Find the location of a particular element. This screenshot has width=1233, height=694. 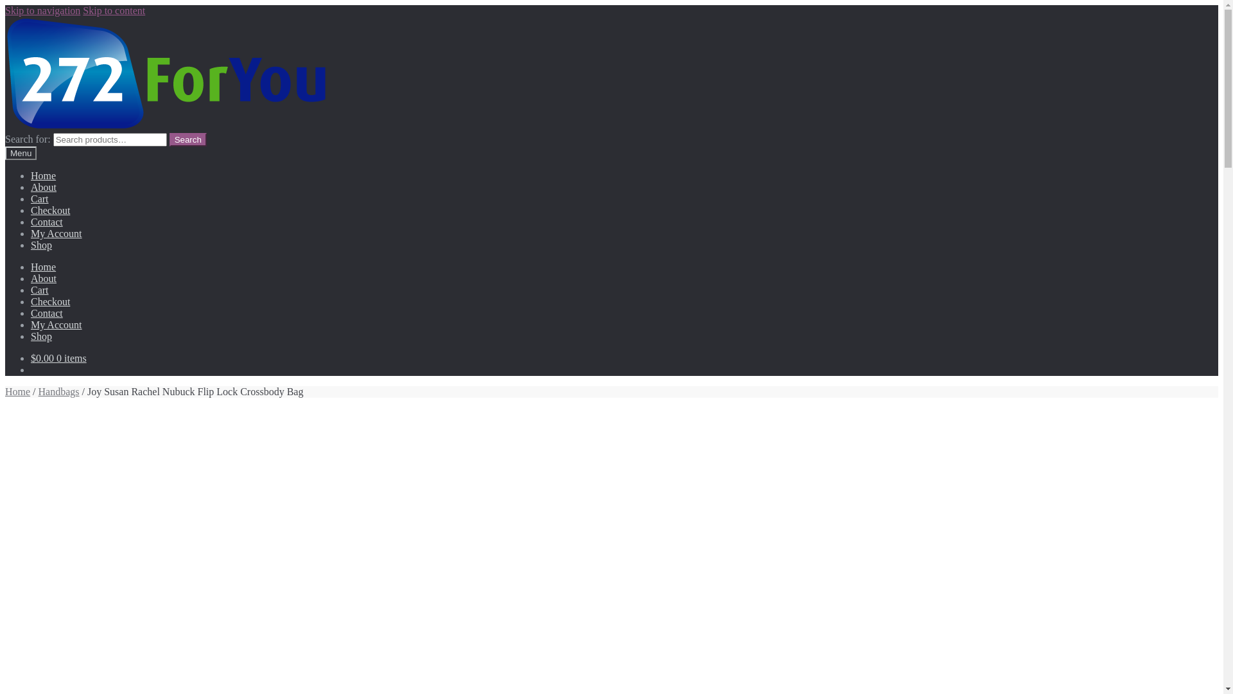

'About' is located at coordinates (31, 187).